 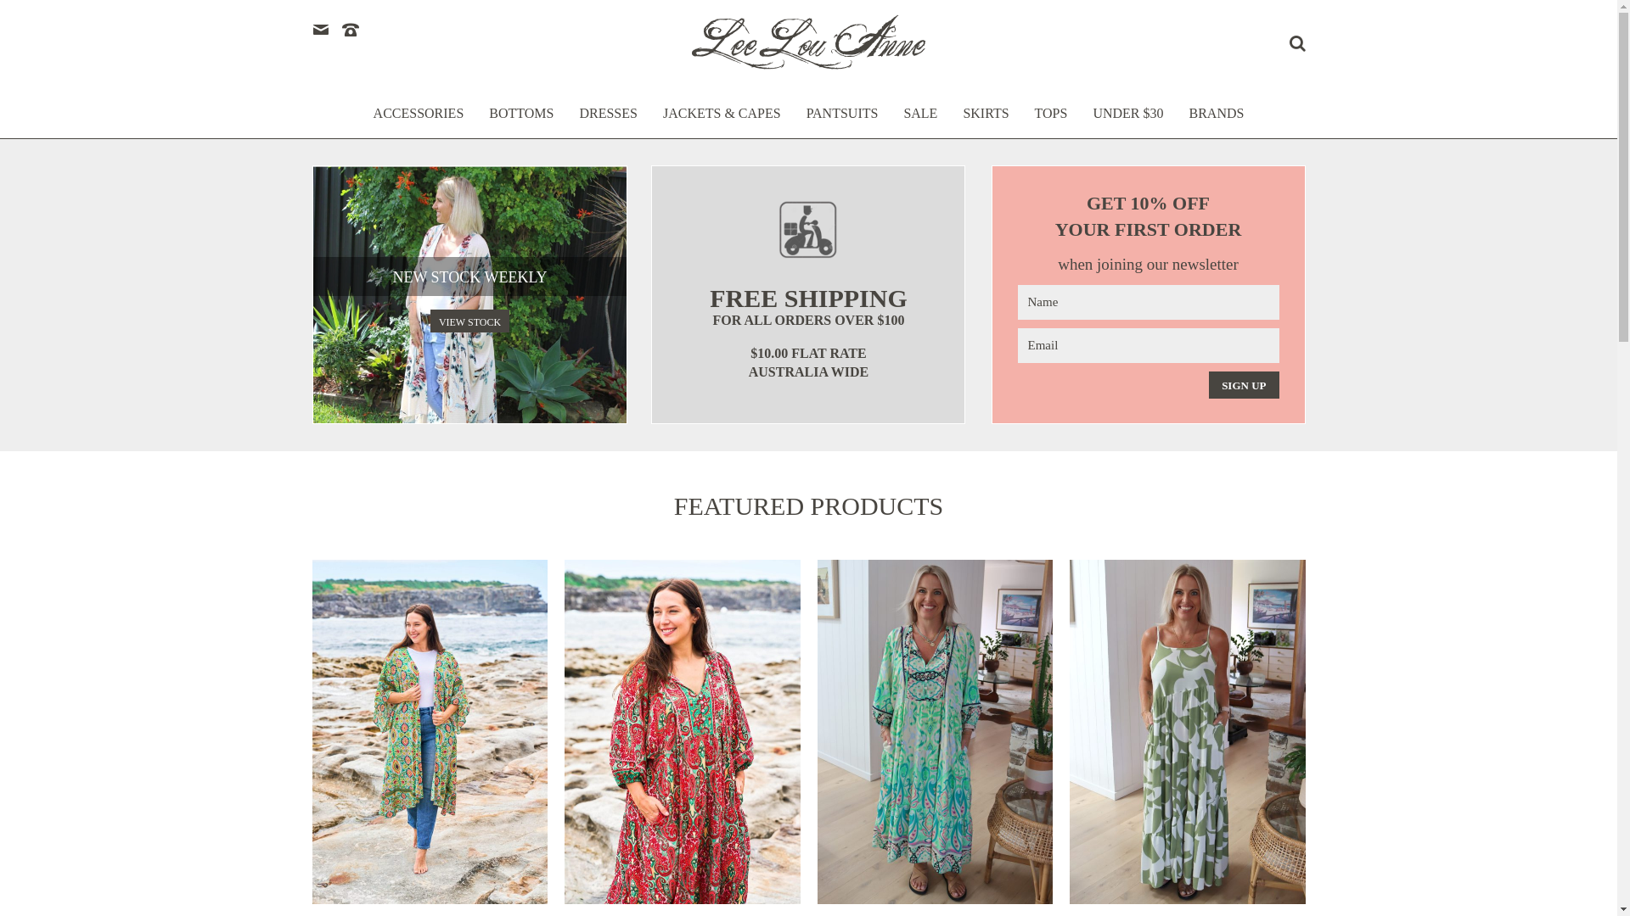 What do you see at coordinates (1216, 120) in the screenshot?
I see `'BRANDS'` at bounding box center [1216, 120].